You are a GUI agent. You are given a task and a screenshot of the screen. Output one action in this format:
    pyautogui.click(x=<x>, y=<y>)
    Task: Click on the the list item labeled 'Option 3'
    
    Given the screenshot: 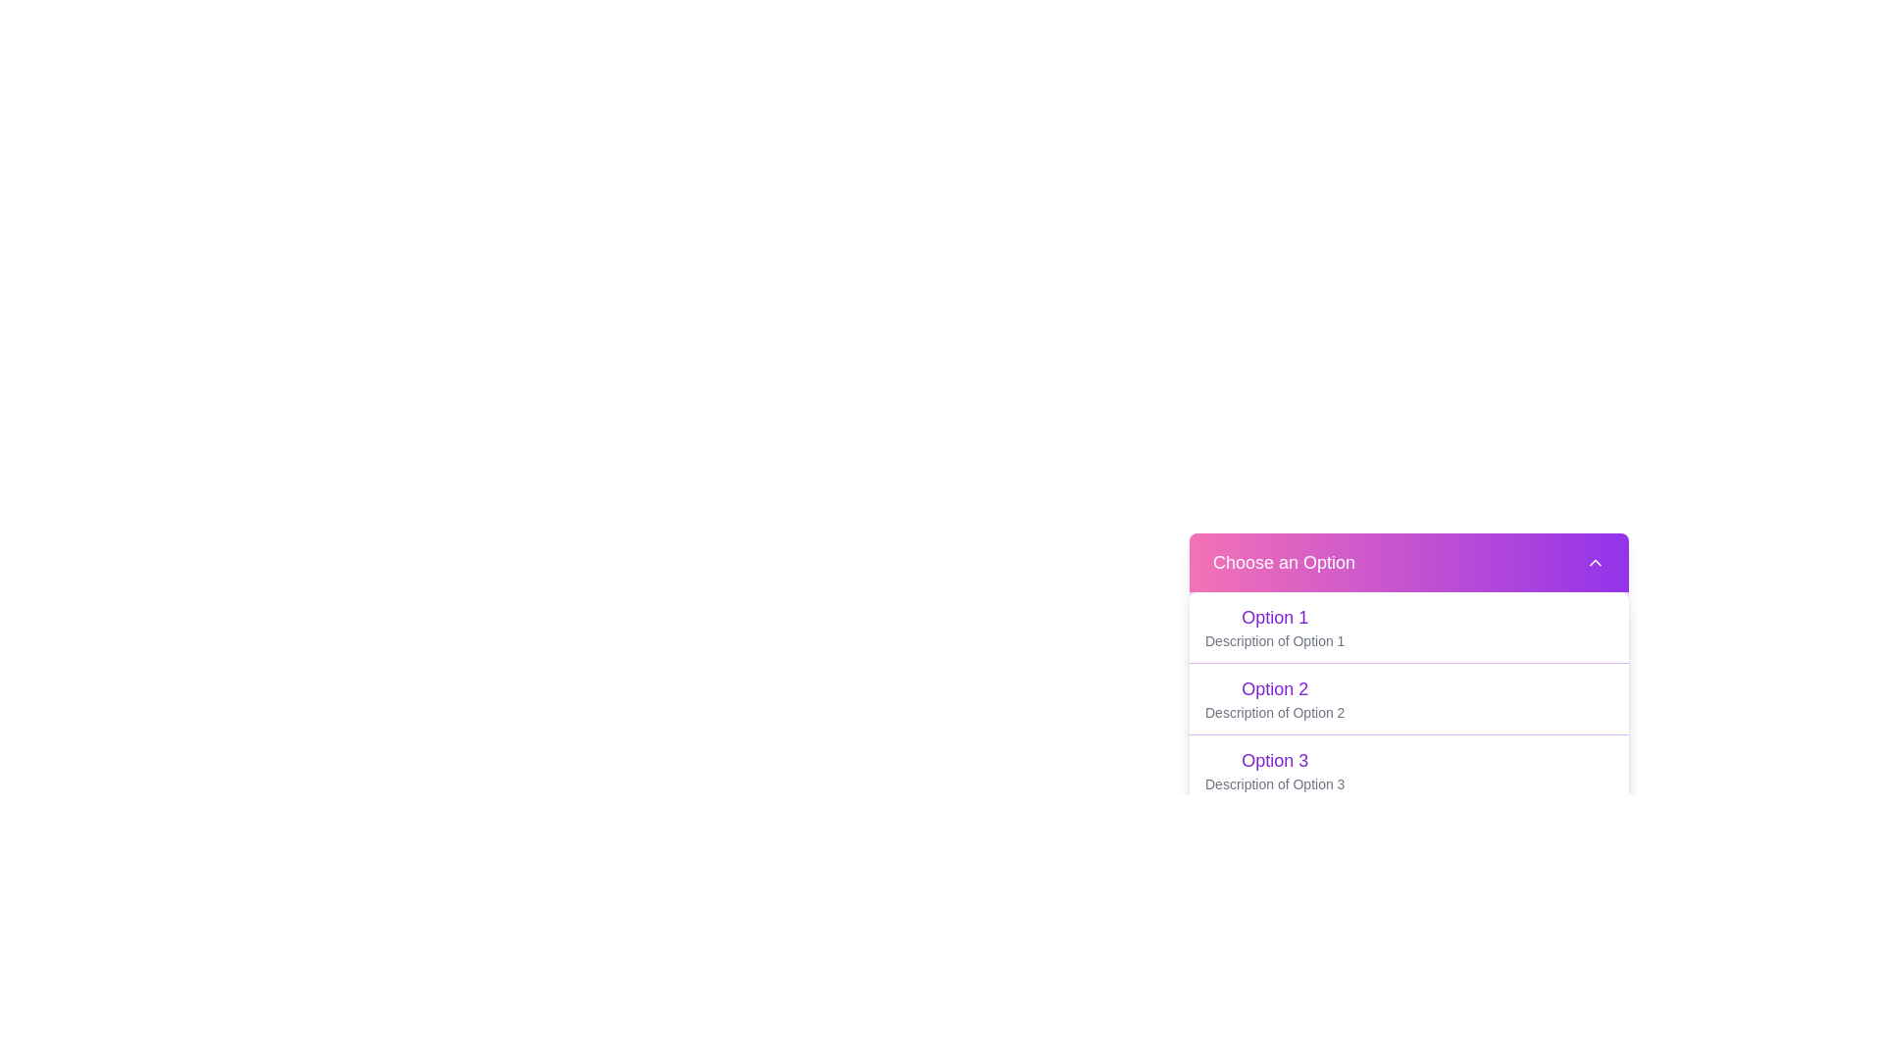 What is the action you would take?
    pyautogui.click(x=1407, y=769)
    